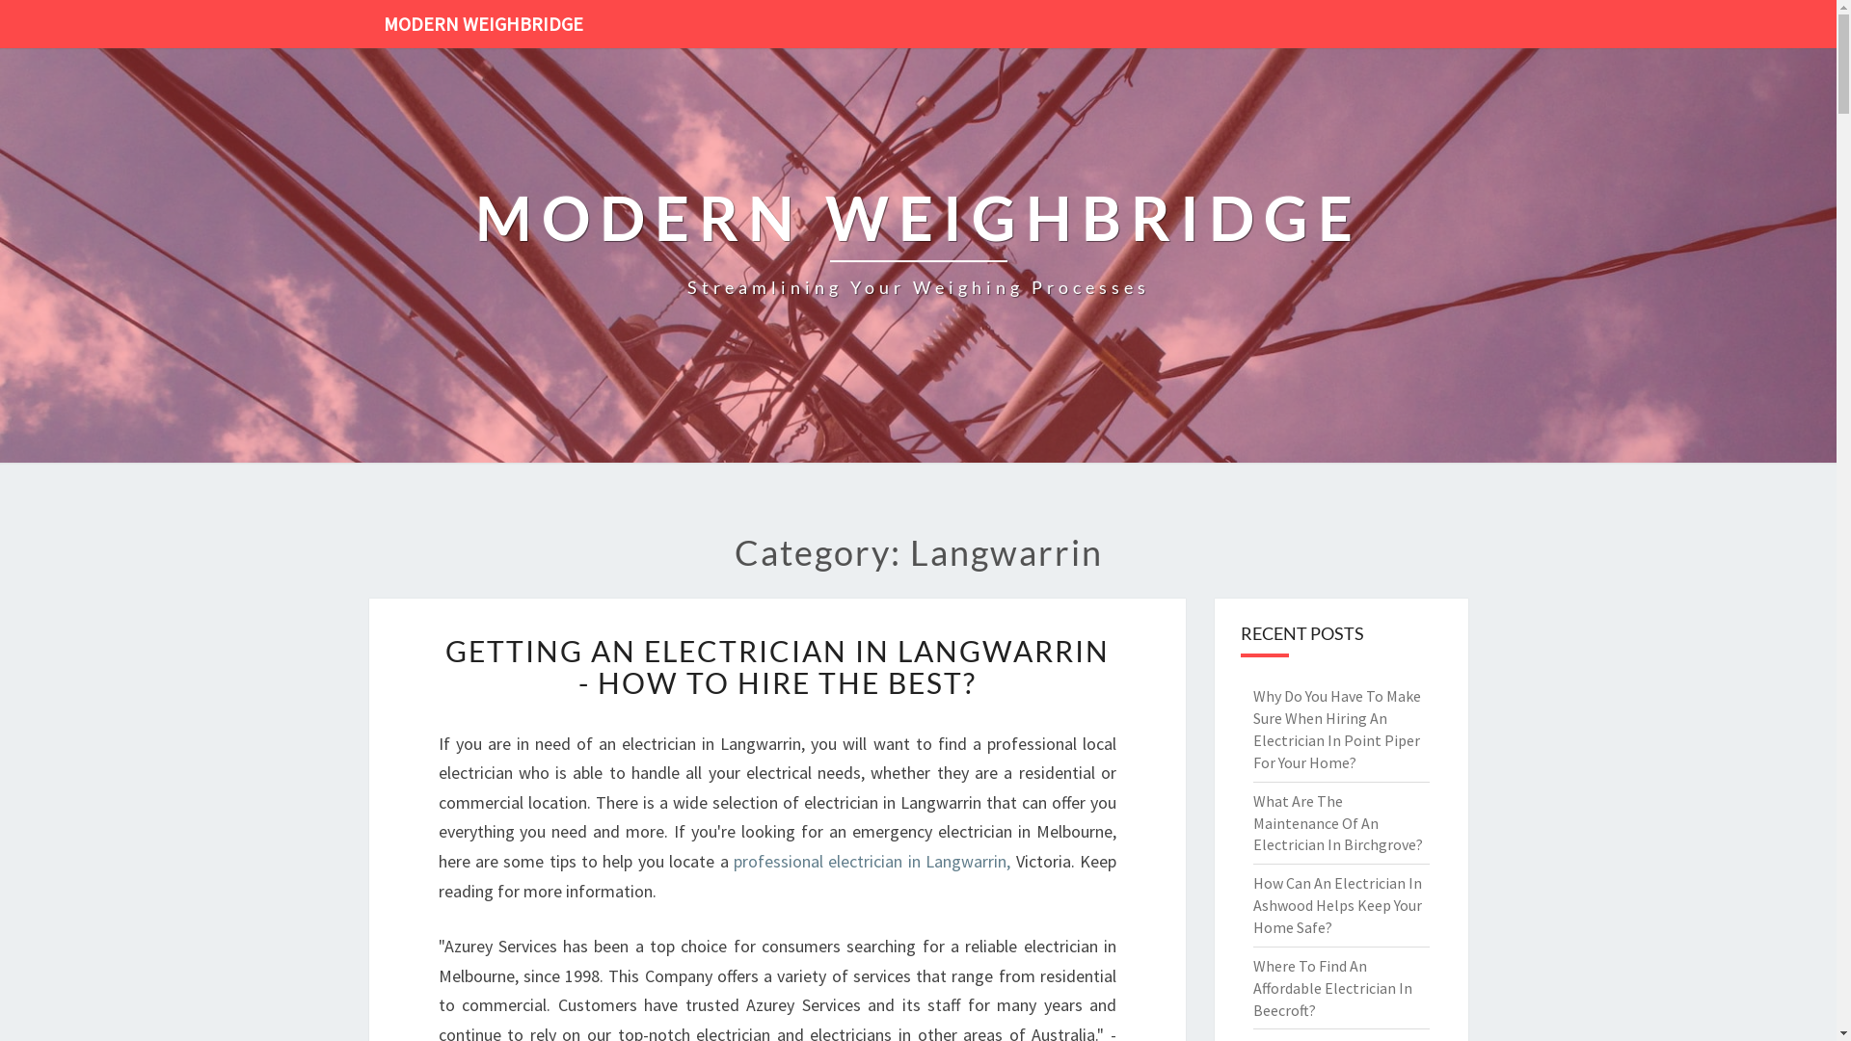 The width and height of the screenshot is (1851, 1041). I want to click on 'How Can An Electrician In Ashwood Helps Keep Your Home Safe?', so click(1336, 904).